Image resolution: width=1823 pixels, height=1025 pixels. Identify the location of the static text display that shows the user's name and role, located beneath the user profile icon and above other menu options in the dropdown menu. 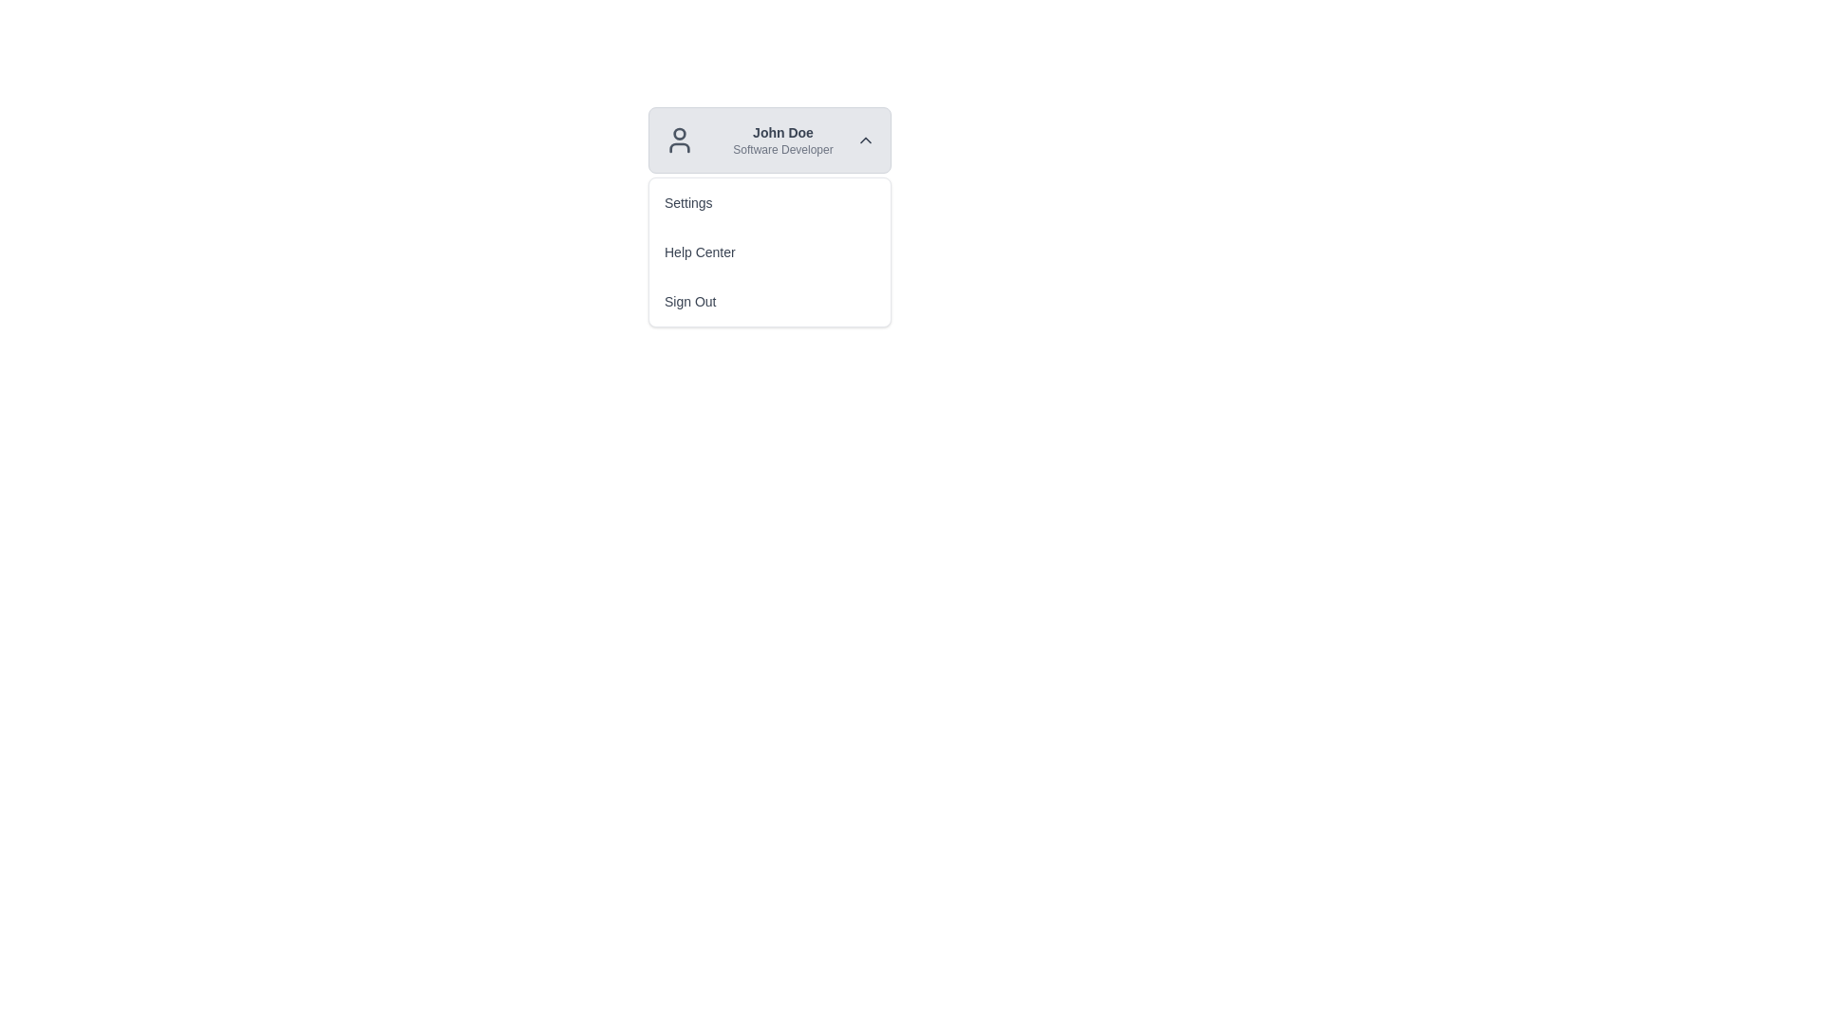
(783, 139).